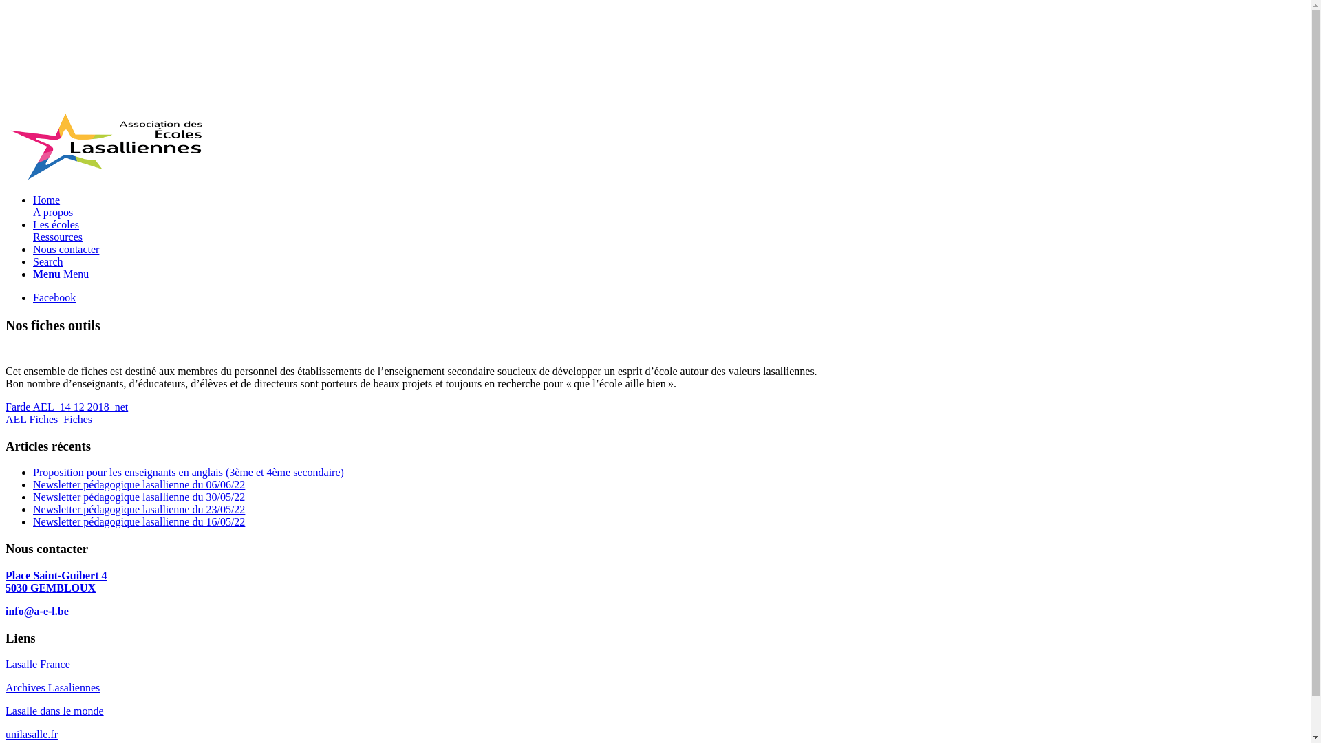 The image size is (1321, 743). What do you see at coordinates (48, 261) in the screenshot?
I see `'Search'` at bounding box center [48, 261].